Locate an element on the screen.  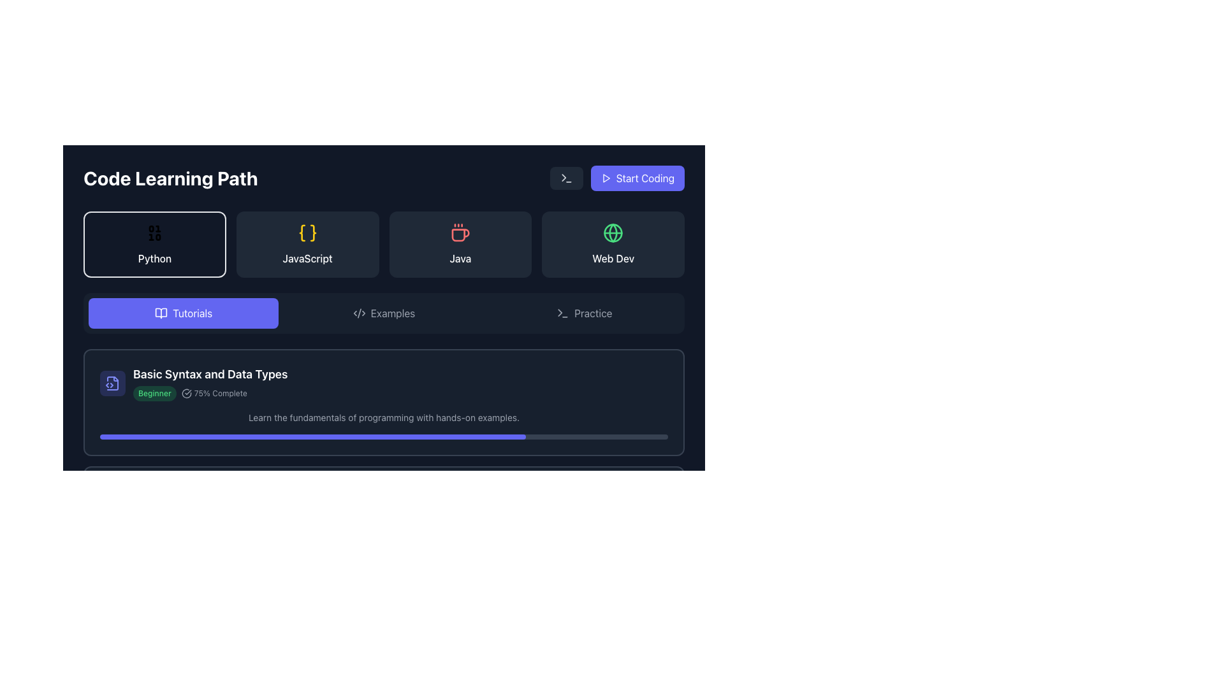
the visual representation of the progress indicator located within the grey horizontal bar at the bottom of the interface, below the 'Basic Syntax and Data Types' section is located at coordinates (228, 554).